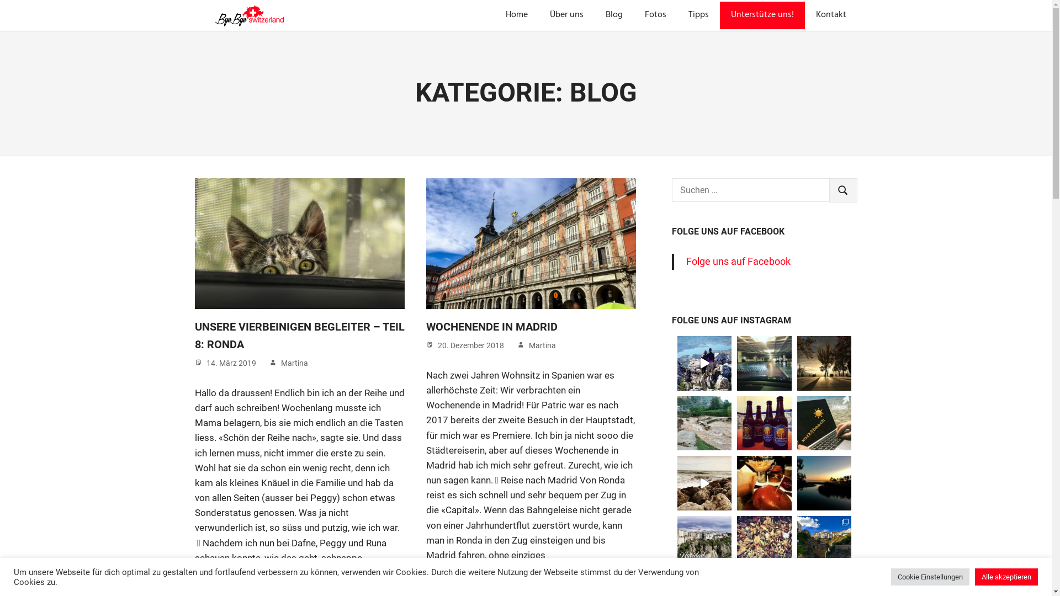 The image size is (1060, 596). What do you see at coordinates (633, 15) in the screenshot?
I see `'Fotos'` at bounding box center [633, 15].